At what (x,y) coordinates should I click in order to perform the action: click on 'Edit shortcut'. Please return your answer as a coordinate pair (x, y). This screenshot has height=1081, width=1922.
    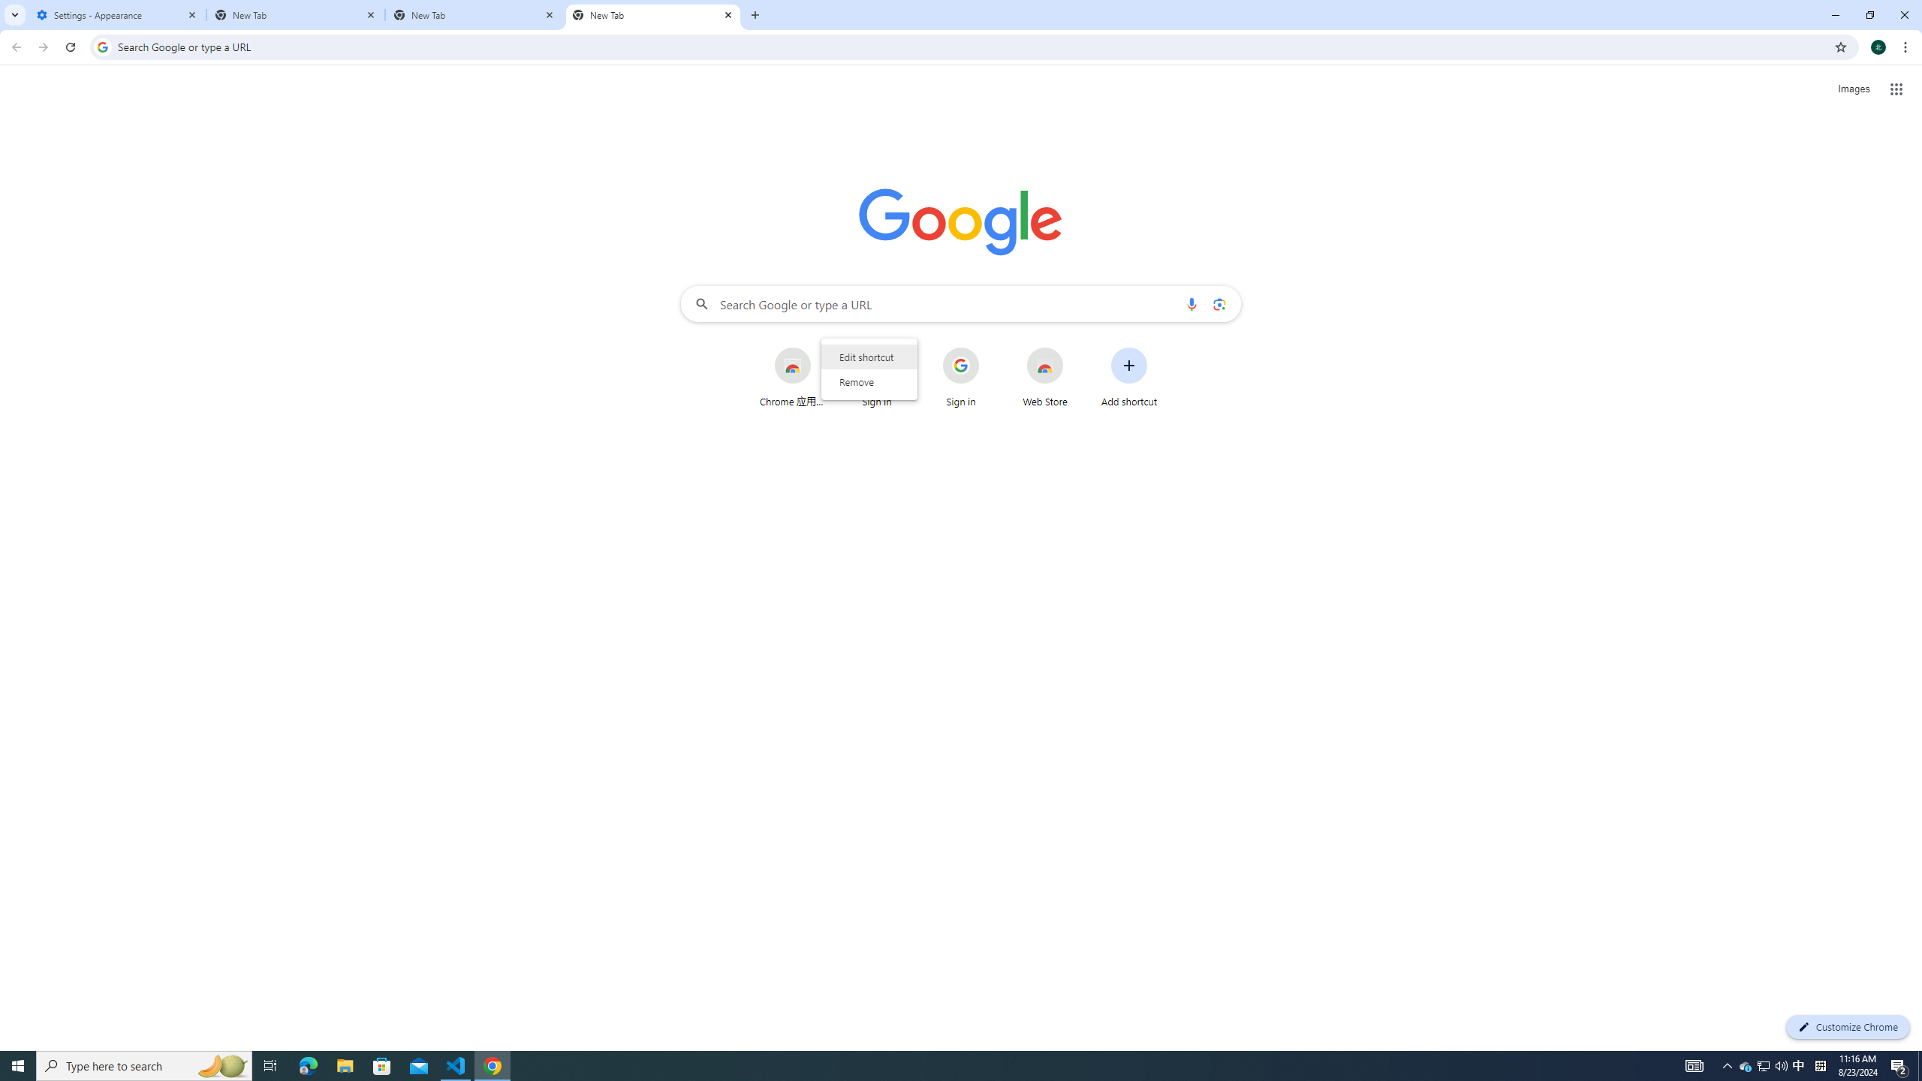
    Looking at the image, I should click on (869, 356).